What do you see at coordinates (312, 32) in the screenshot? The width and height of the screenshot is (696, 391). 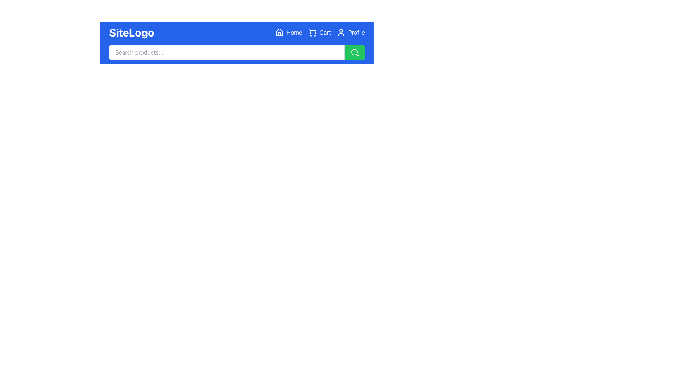 I see `the shopping cart icon located in the top navigation bar` at bounding box center [312, 32].